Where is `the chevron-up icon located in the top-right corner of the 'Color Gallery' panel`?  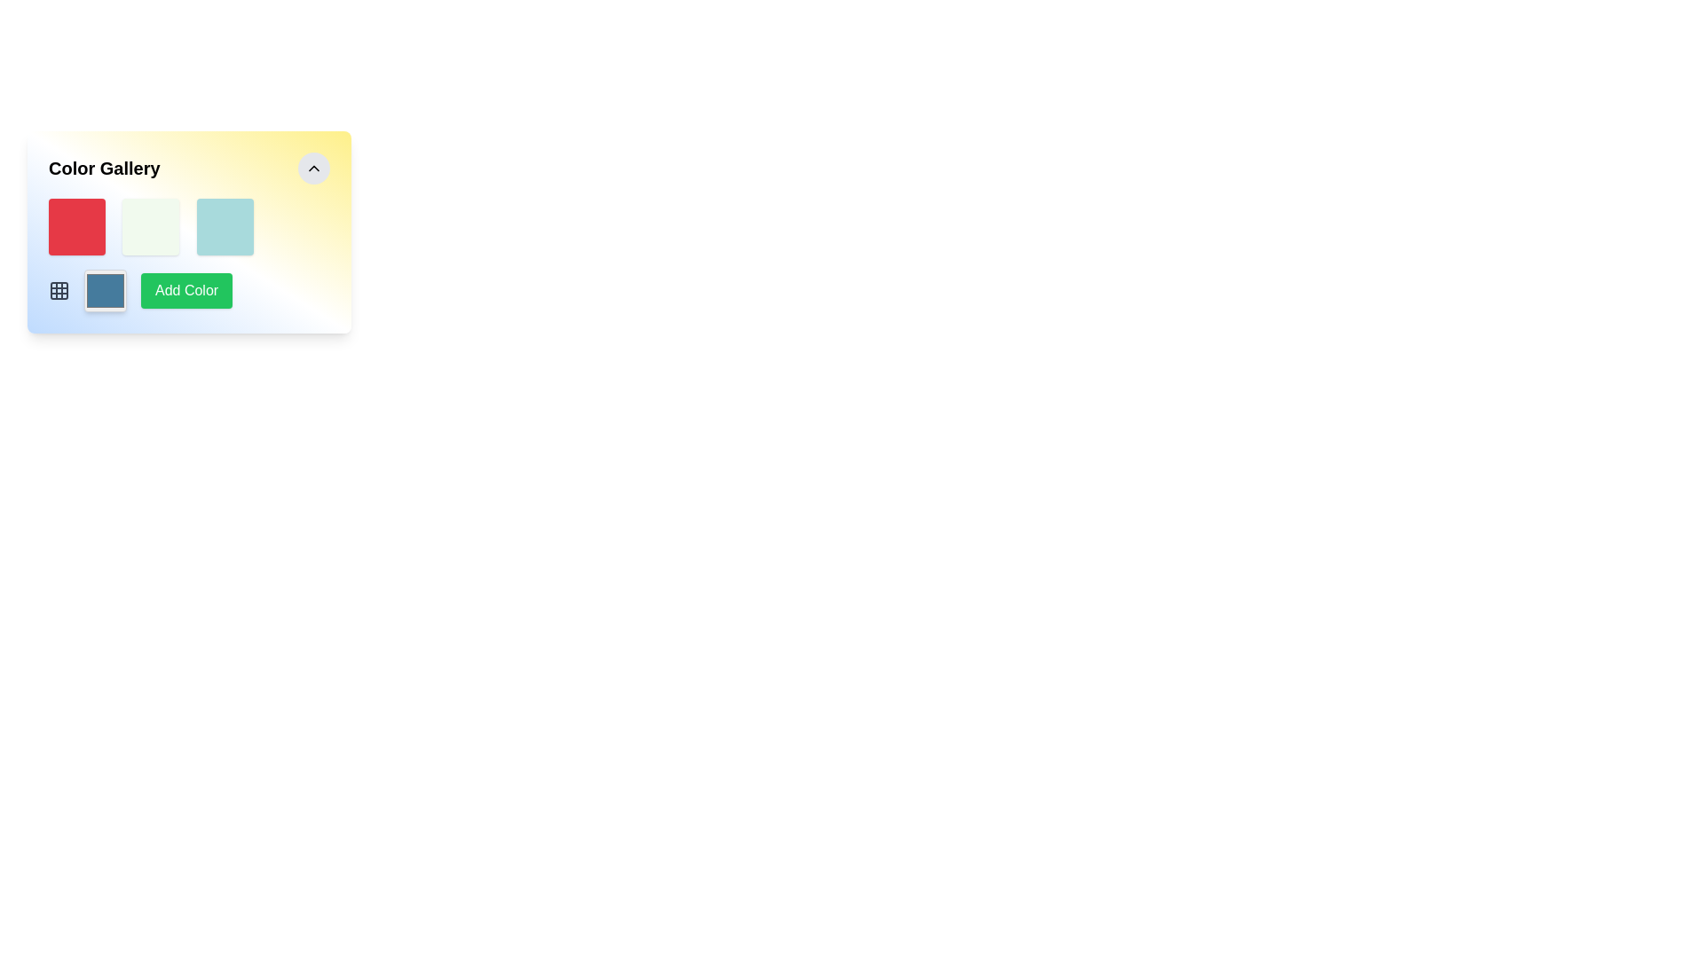 the chevron-up icon located in the top-right corner of the 'Color Gallery' panel is located at coordinates (314, 168).